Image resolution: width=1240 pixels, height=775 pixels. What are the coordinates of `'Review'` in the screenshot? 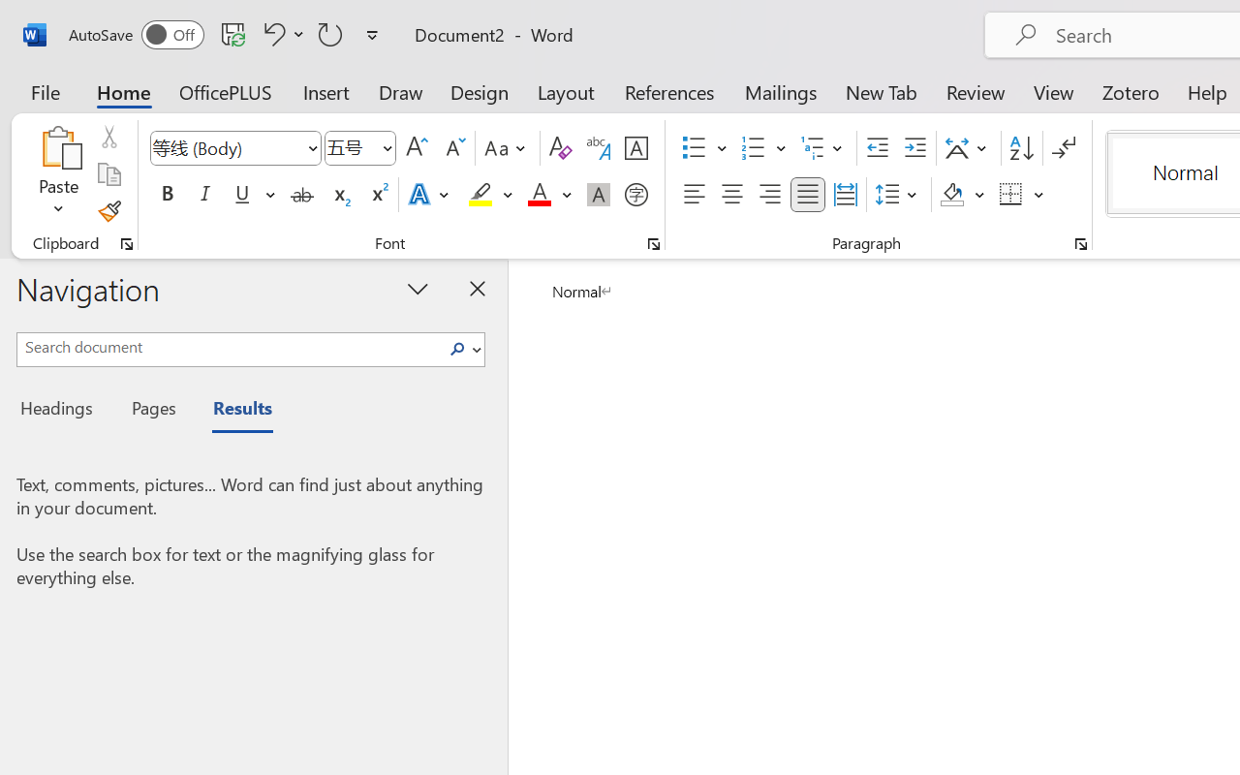 It's located at (976, 91).